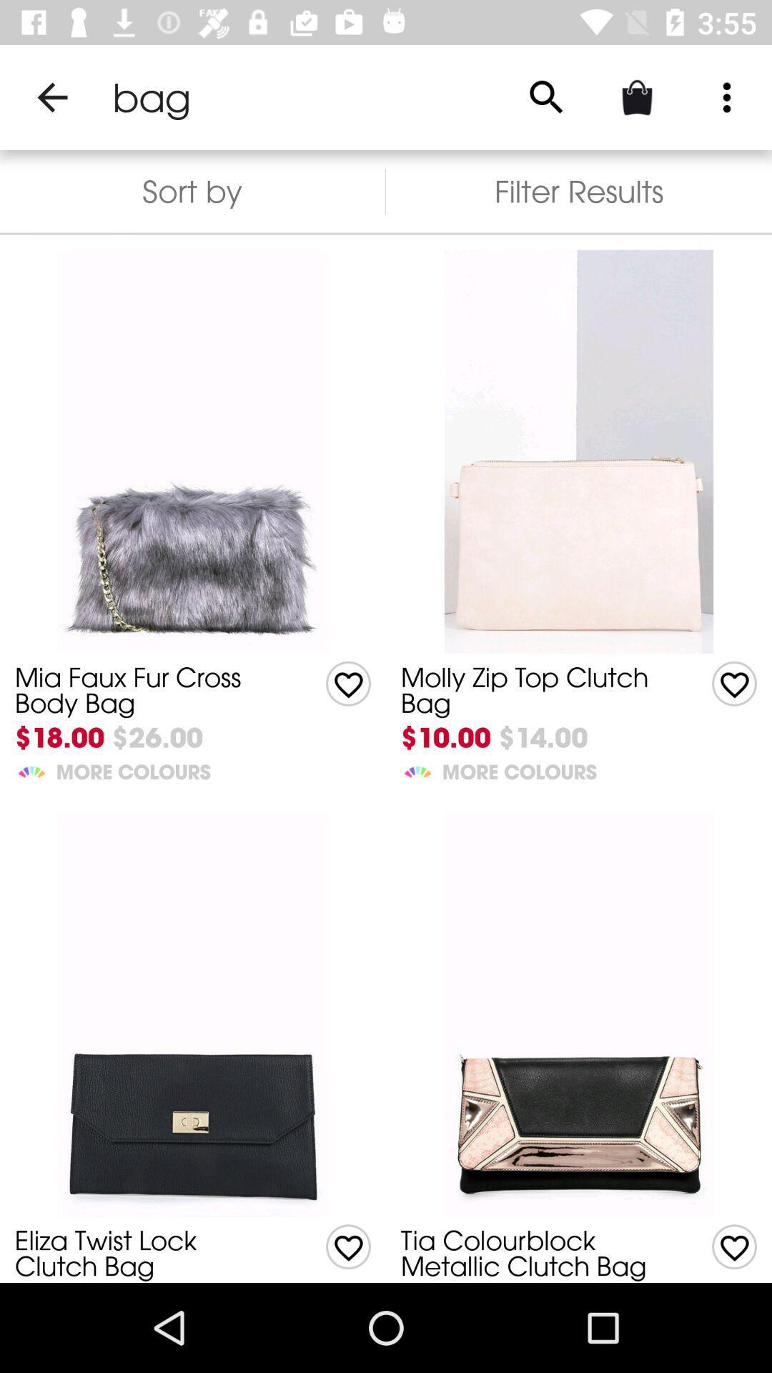 Image resolution: width=772 pixels, height=1373 pixels. Describe the element at coordinates (734, 683) in the screenshot. I see `like it` at that location.